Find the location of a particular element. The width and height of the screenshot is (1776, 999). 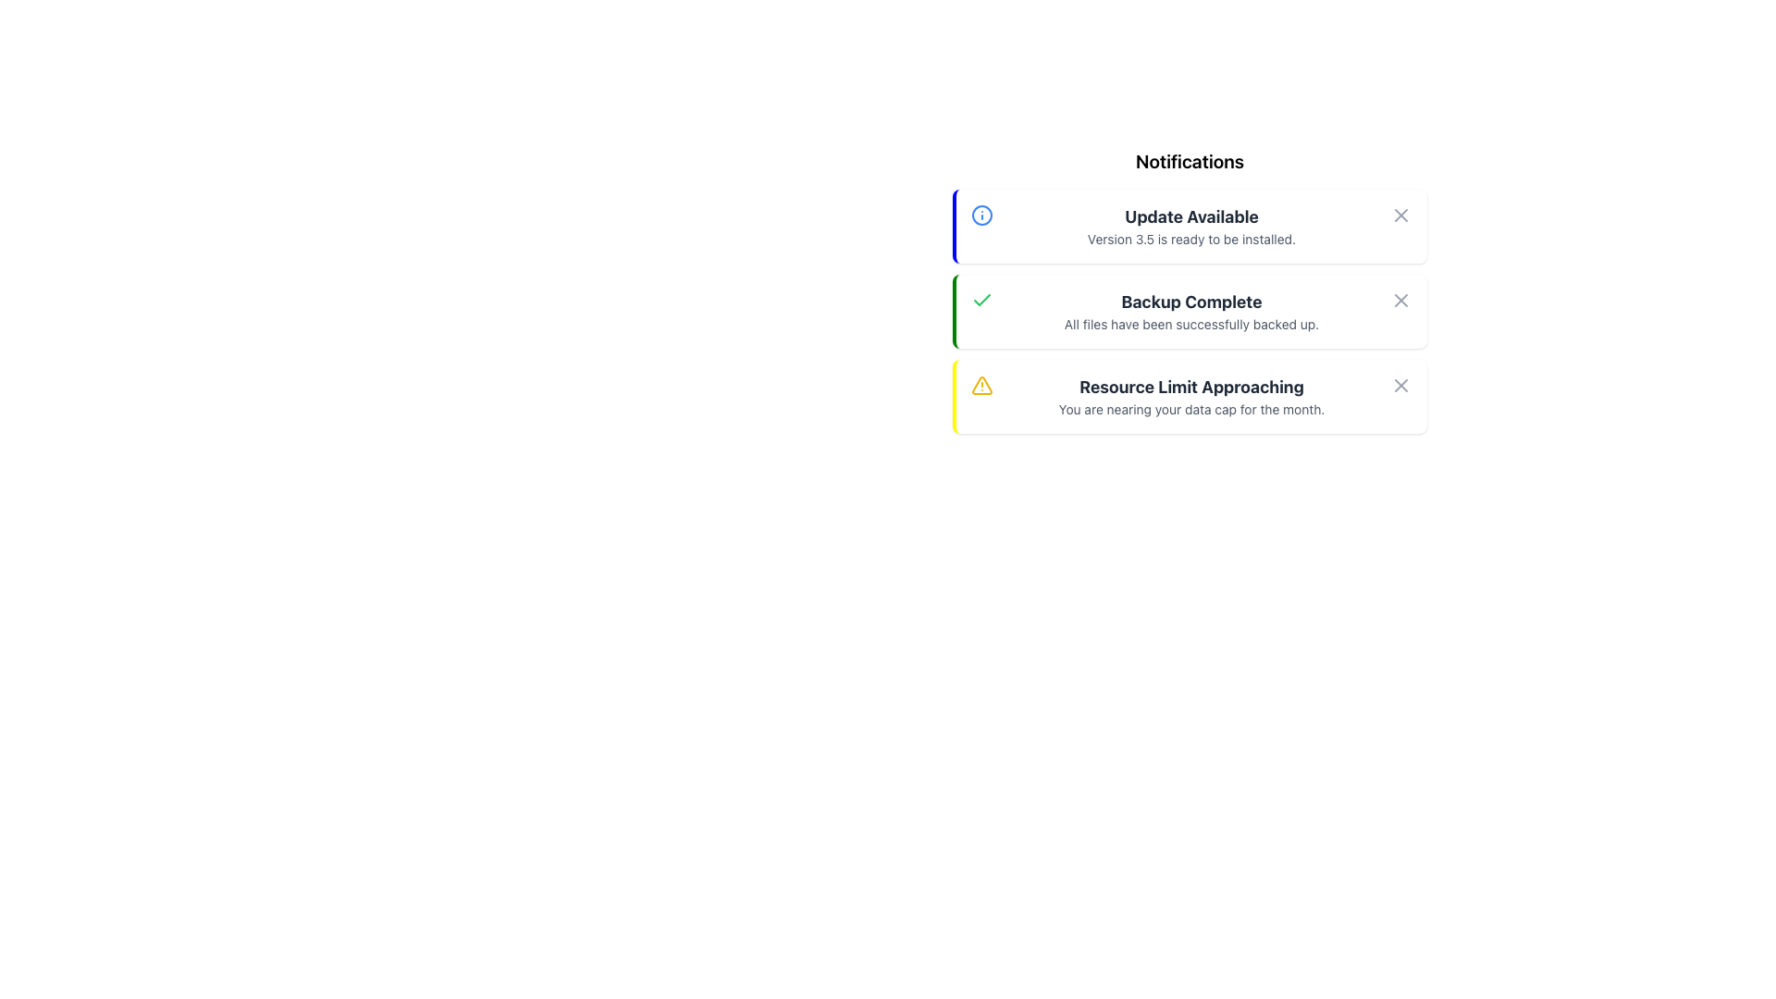

text that informs the user about the completion of the backup operation, located in the second notification card, above the text 'All files have been successfully backed up.' is located at coordinates (1191, 302).